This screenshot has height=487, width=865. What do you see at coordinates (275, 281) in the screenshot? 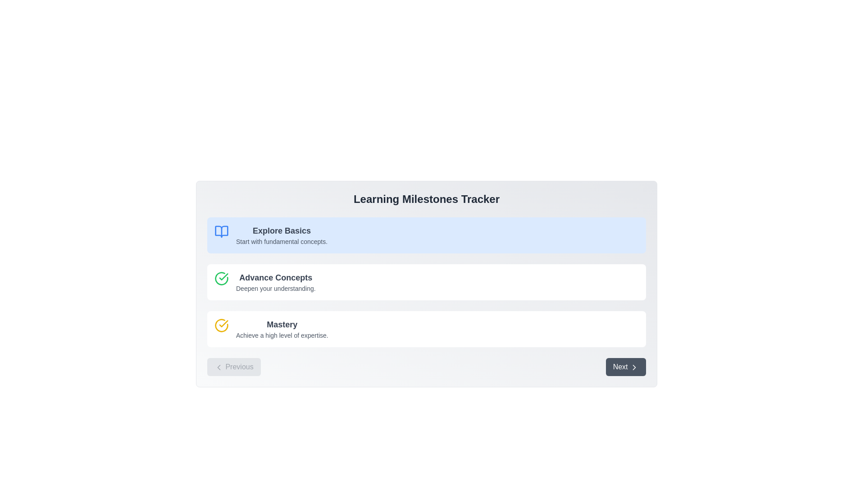
I see `text content of the Text block with a title and subtitle combo that indicates a learning milestone, positioned between the 'Explore Basics' and 'Mastery' boxes` at bounding box center [275, 281].